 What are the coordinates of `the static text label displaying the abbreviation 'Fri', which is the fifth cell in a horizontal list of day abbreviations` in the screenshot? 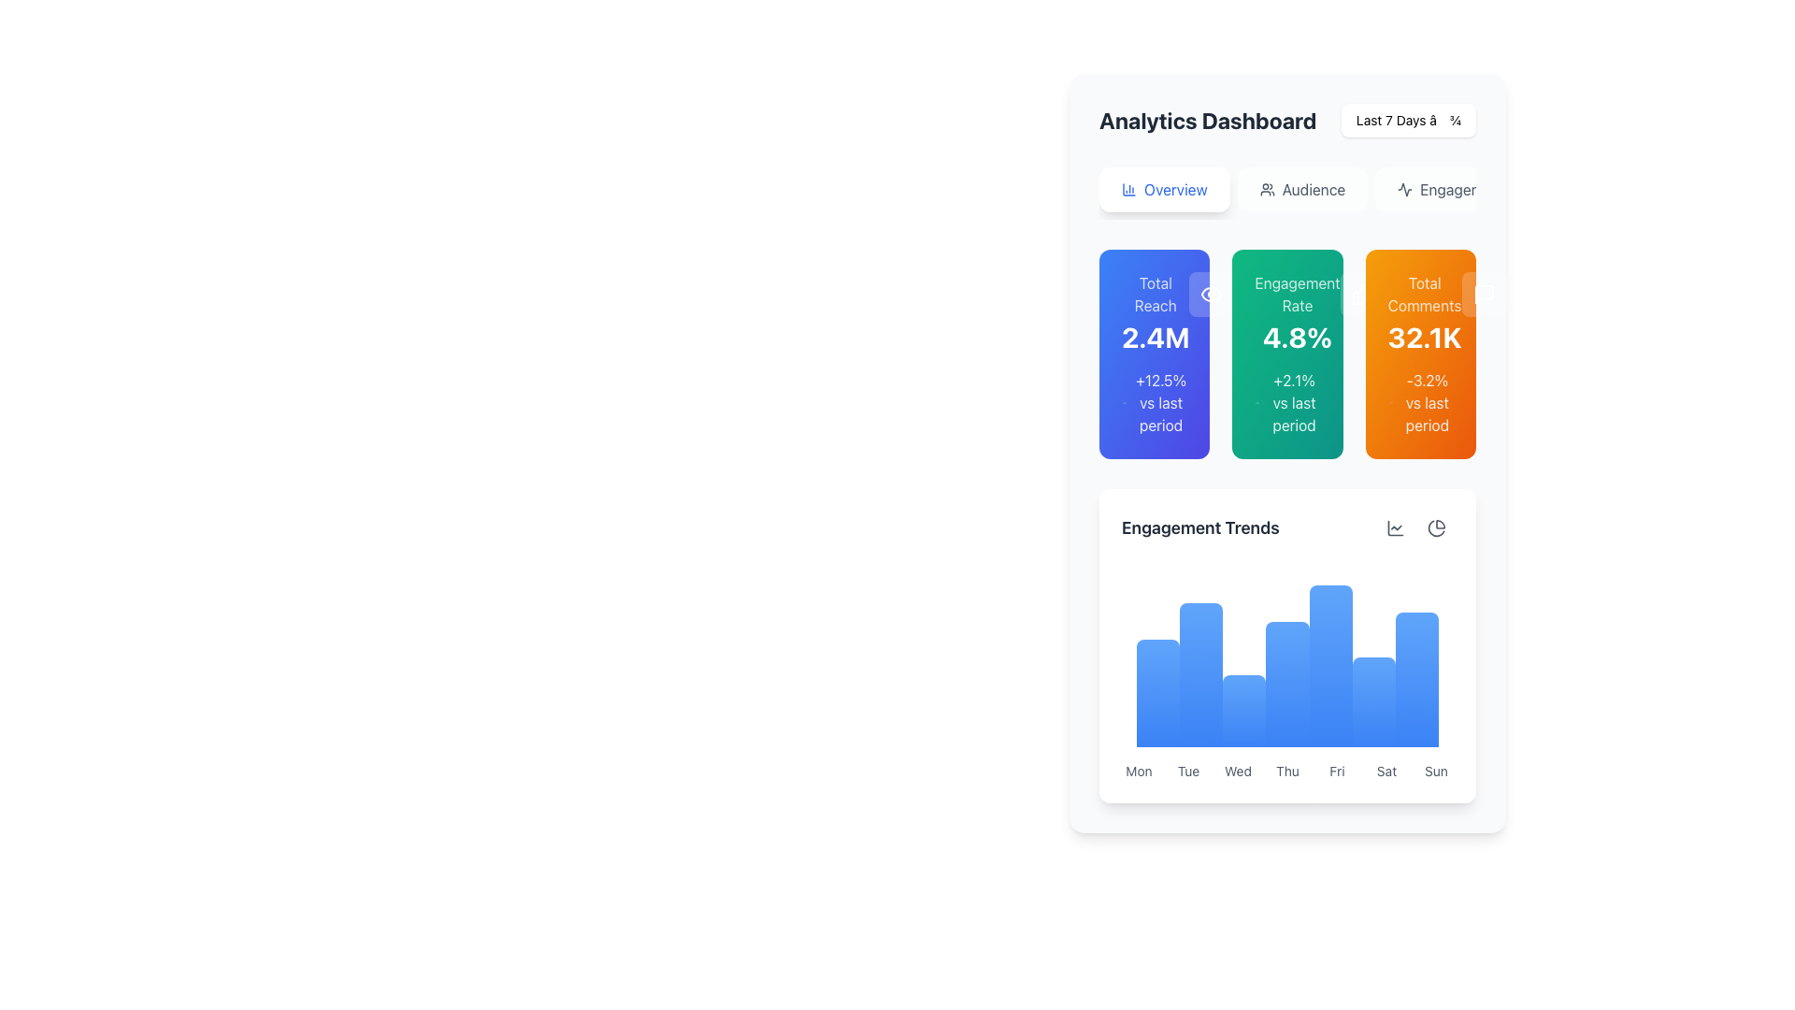 It's located at (1336, 772).